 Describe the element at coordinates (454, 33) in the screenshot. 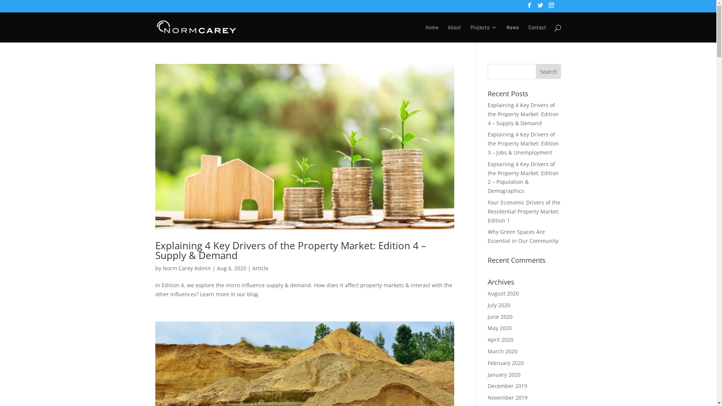

I see `'About'` at that location.